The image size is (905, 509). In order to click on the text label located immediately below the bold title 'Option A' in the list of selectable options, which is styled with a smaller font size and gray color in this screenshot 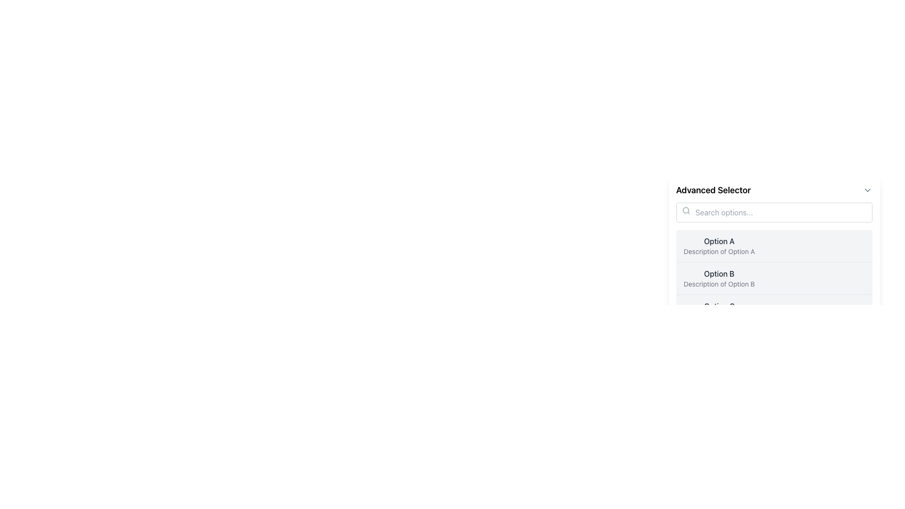, I will do `click(719, 251)`.